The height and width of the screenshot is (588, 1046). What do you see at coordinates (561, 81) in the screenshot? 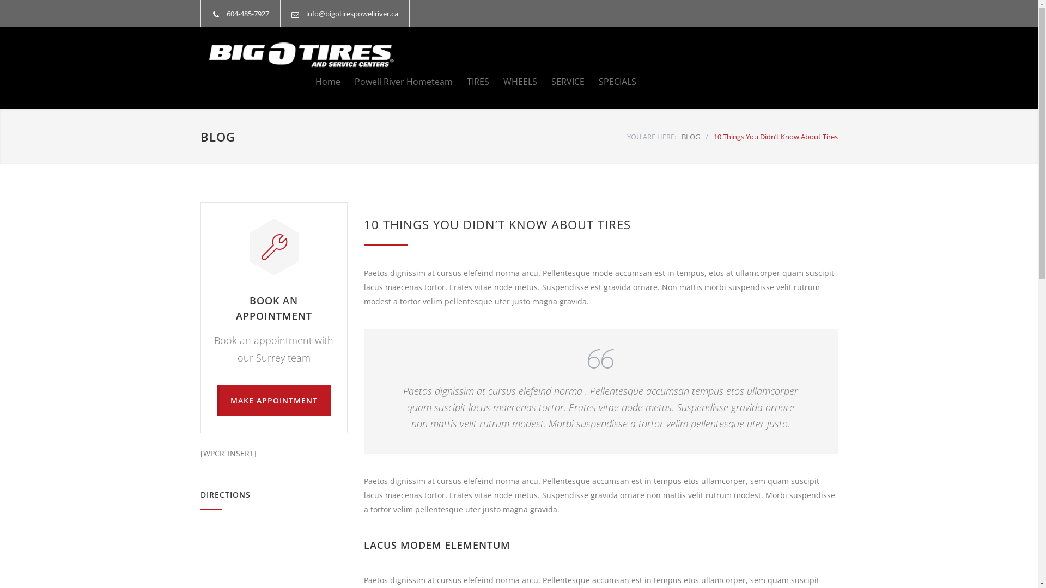
I see `'SERVICE'` at bounding box center [561, 81].